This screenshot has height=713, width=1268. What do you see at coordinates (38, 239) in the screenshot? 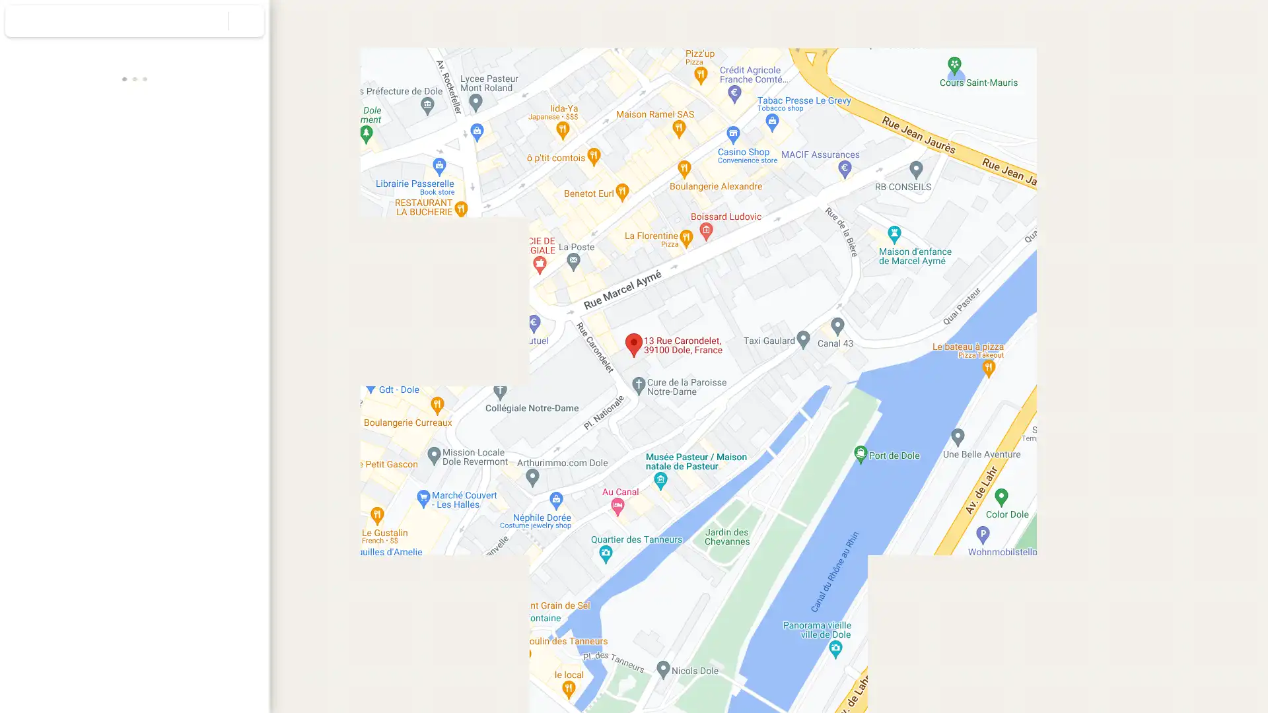
I see `Directions to 13 Rue Carondelet` at bounding box center [38, 239].